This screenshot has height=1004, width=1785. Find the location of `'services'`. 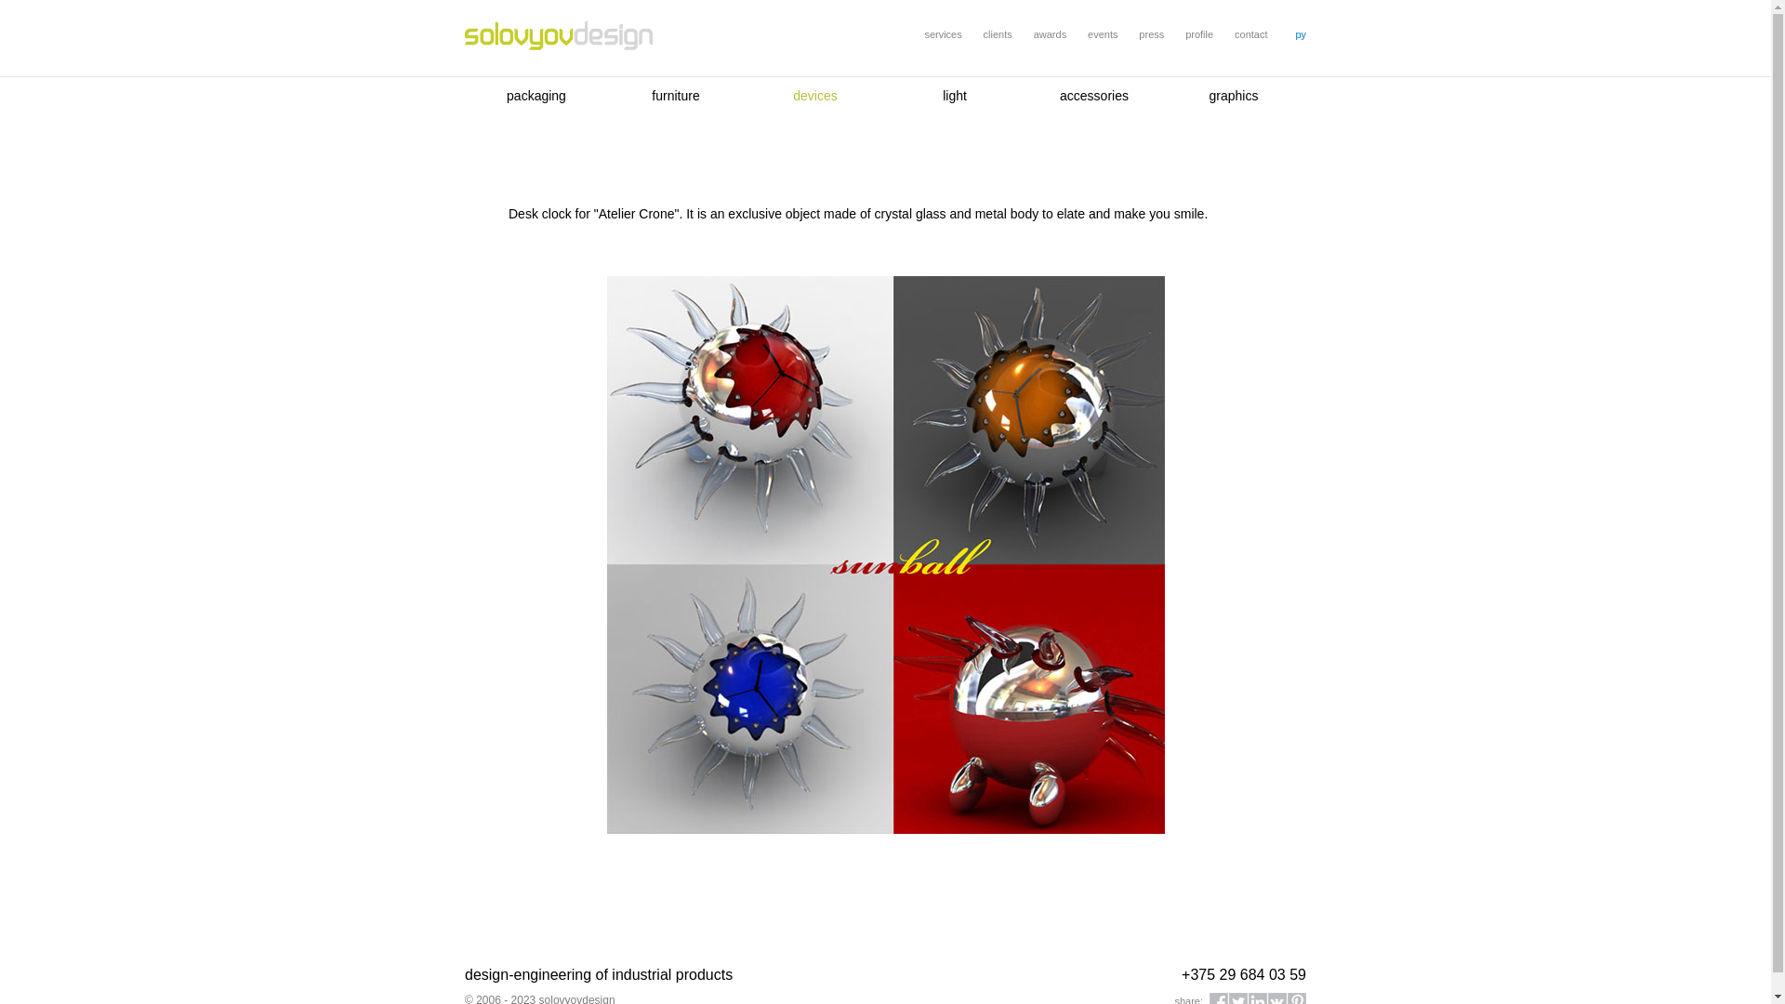

'services' is located at coordinates (942, 34).